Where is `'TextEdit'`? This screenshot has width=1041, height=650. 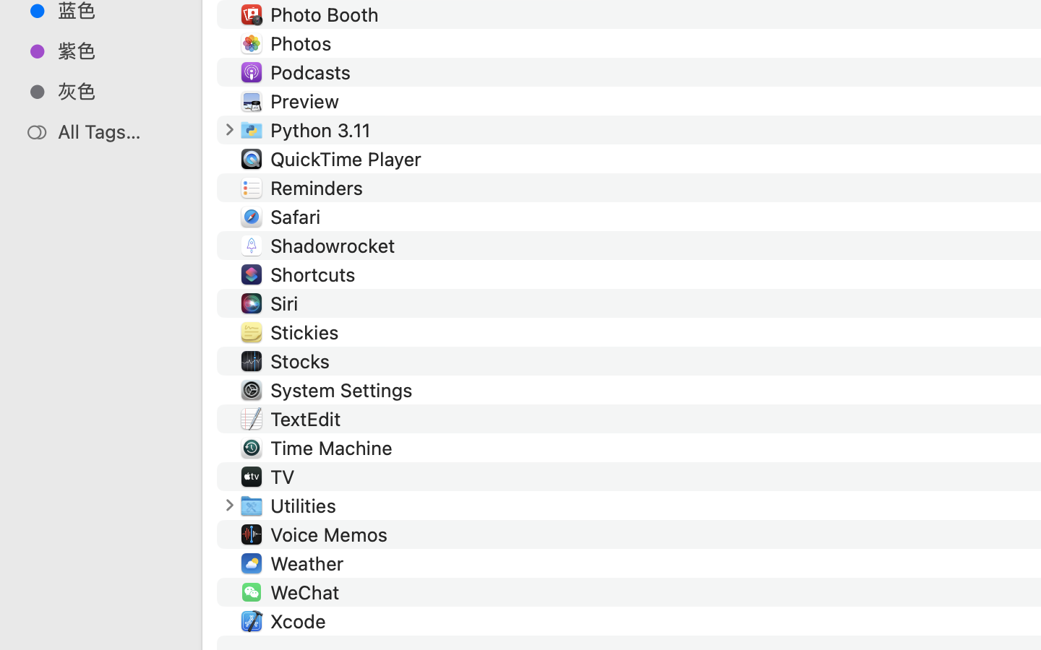 'TextEdit' is located at coordinates (308, 418).